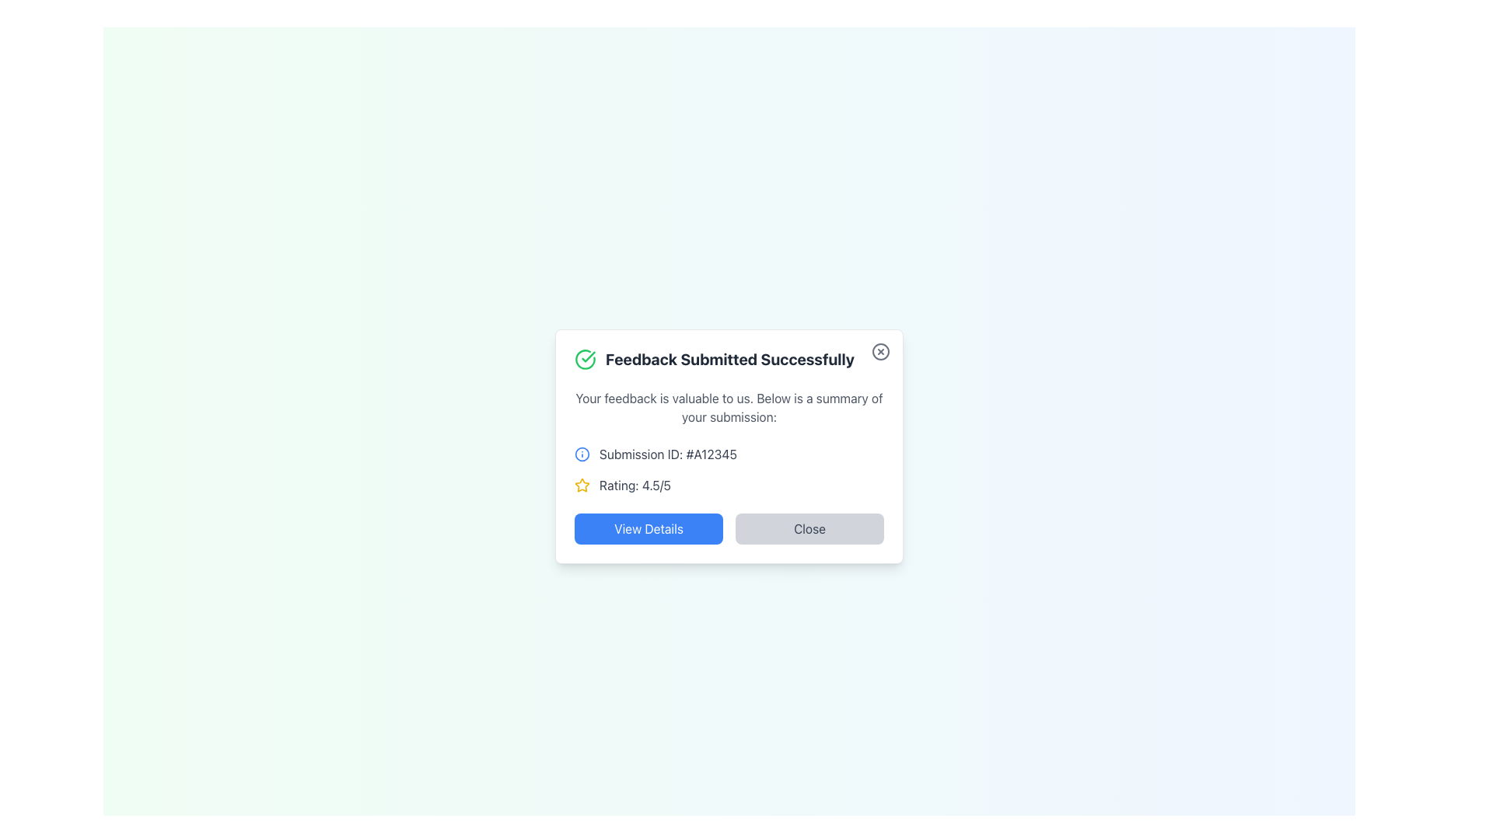  Describe the element at coordinates (728, 406) in the screenshot. I see `the text block that serves as an introductory statement for the submission summary, located beneath the header 'Feedback Submitted Successfully'` at that location.